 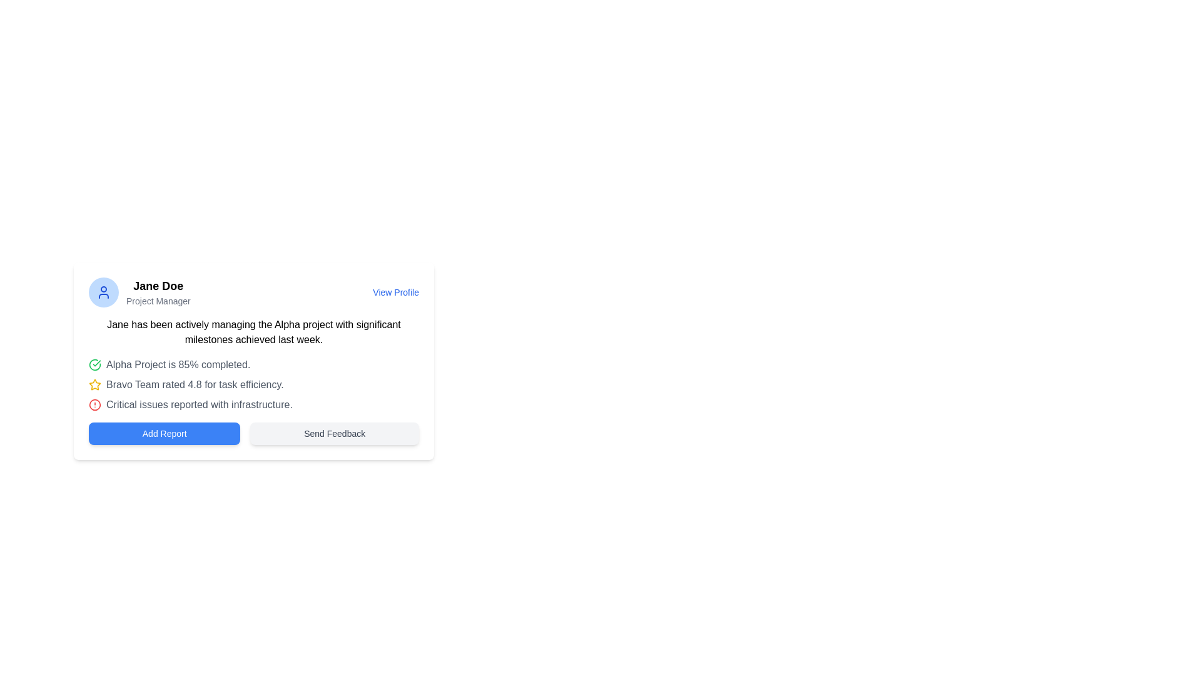 What do you see at coordinates (94, 405) in the screenshot?
I see `the alert icon located to the left of the text 'Critical issues reported with infrastructure'` at bounding box center [94, 405].